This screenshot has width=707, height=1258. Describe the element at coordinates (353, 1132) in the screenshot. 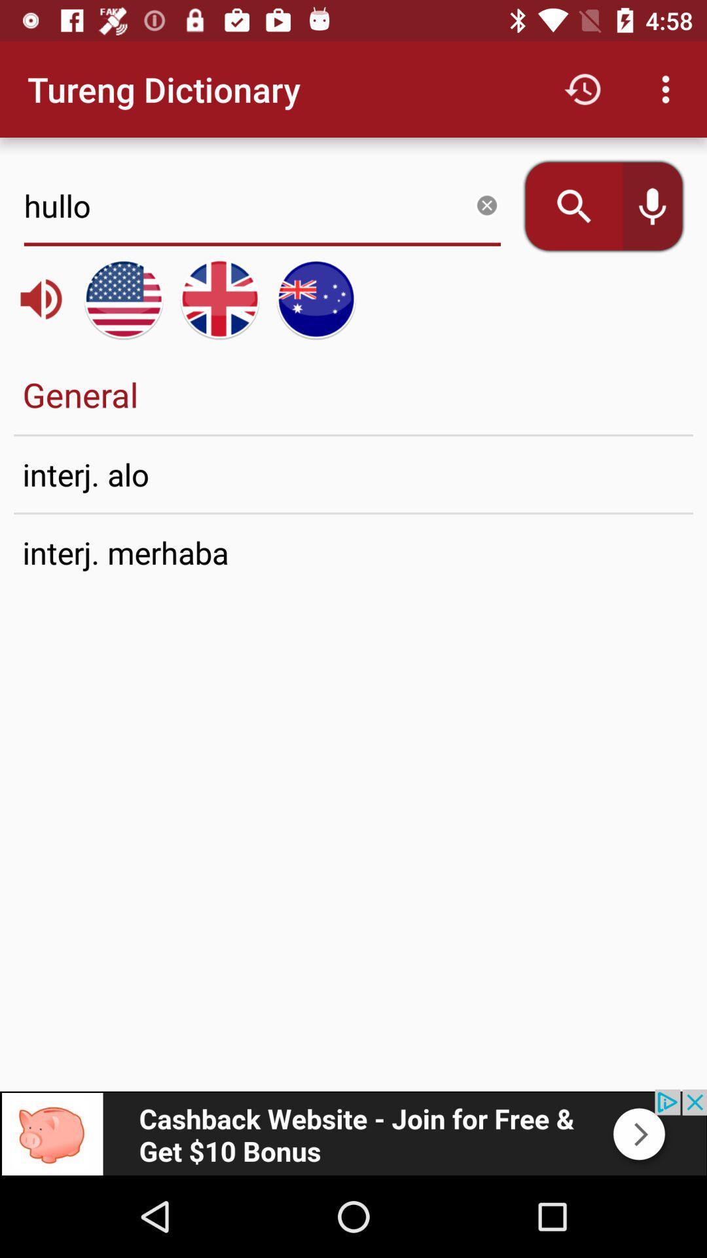

I see `advartasmand` at that location.